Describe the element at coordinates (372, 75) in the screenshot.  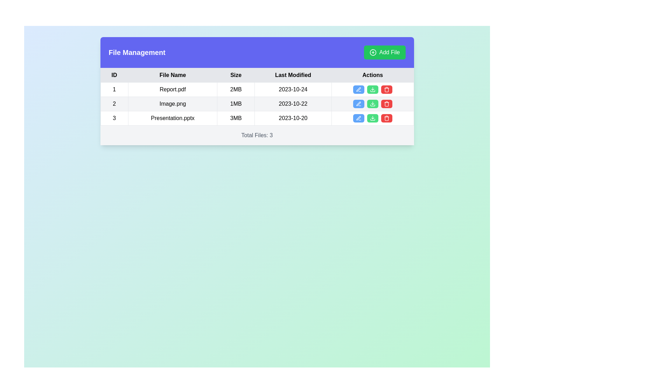
I see `the header label at the far right of the table, which signifies the purpose of the last column for actionable buttons` at that location.